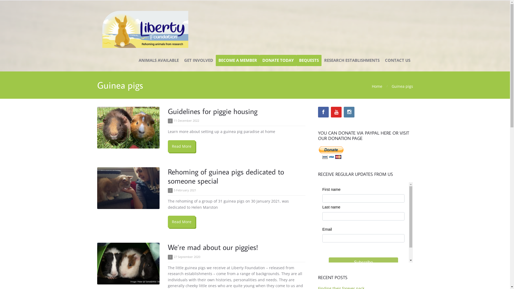  I want to click on 'Rehoming of guinea pigs dedicated to someone special', so click(168, 176).